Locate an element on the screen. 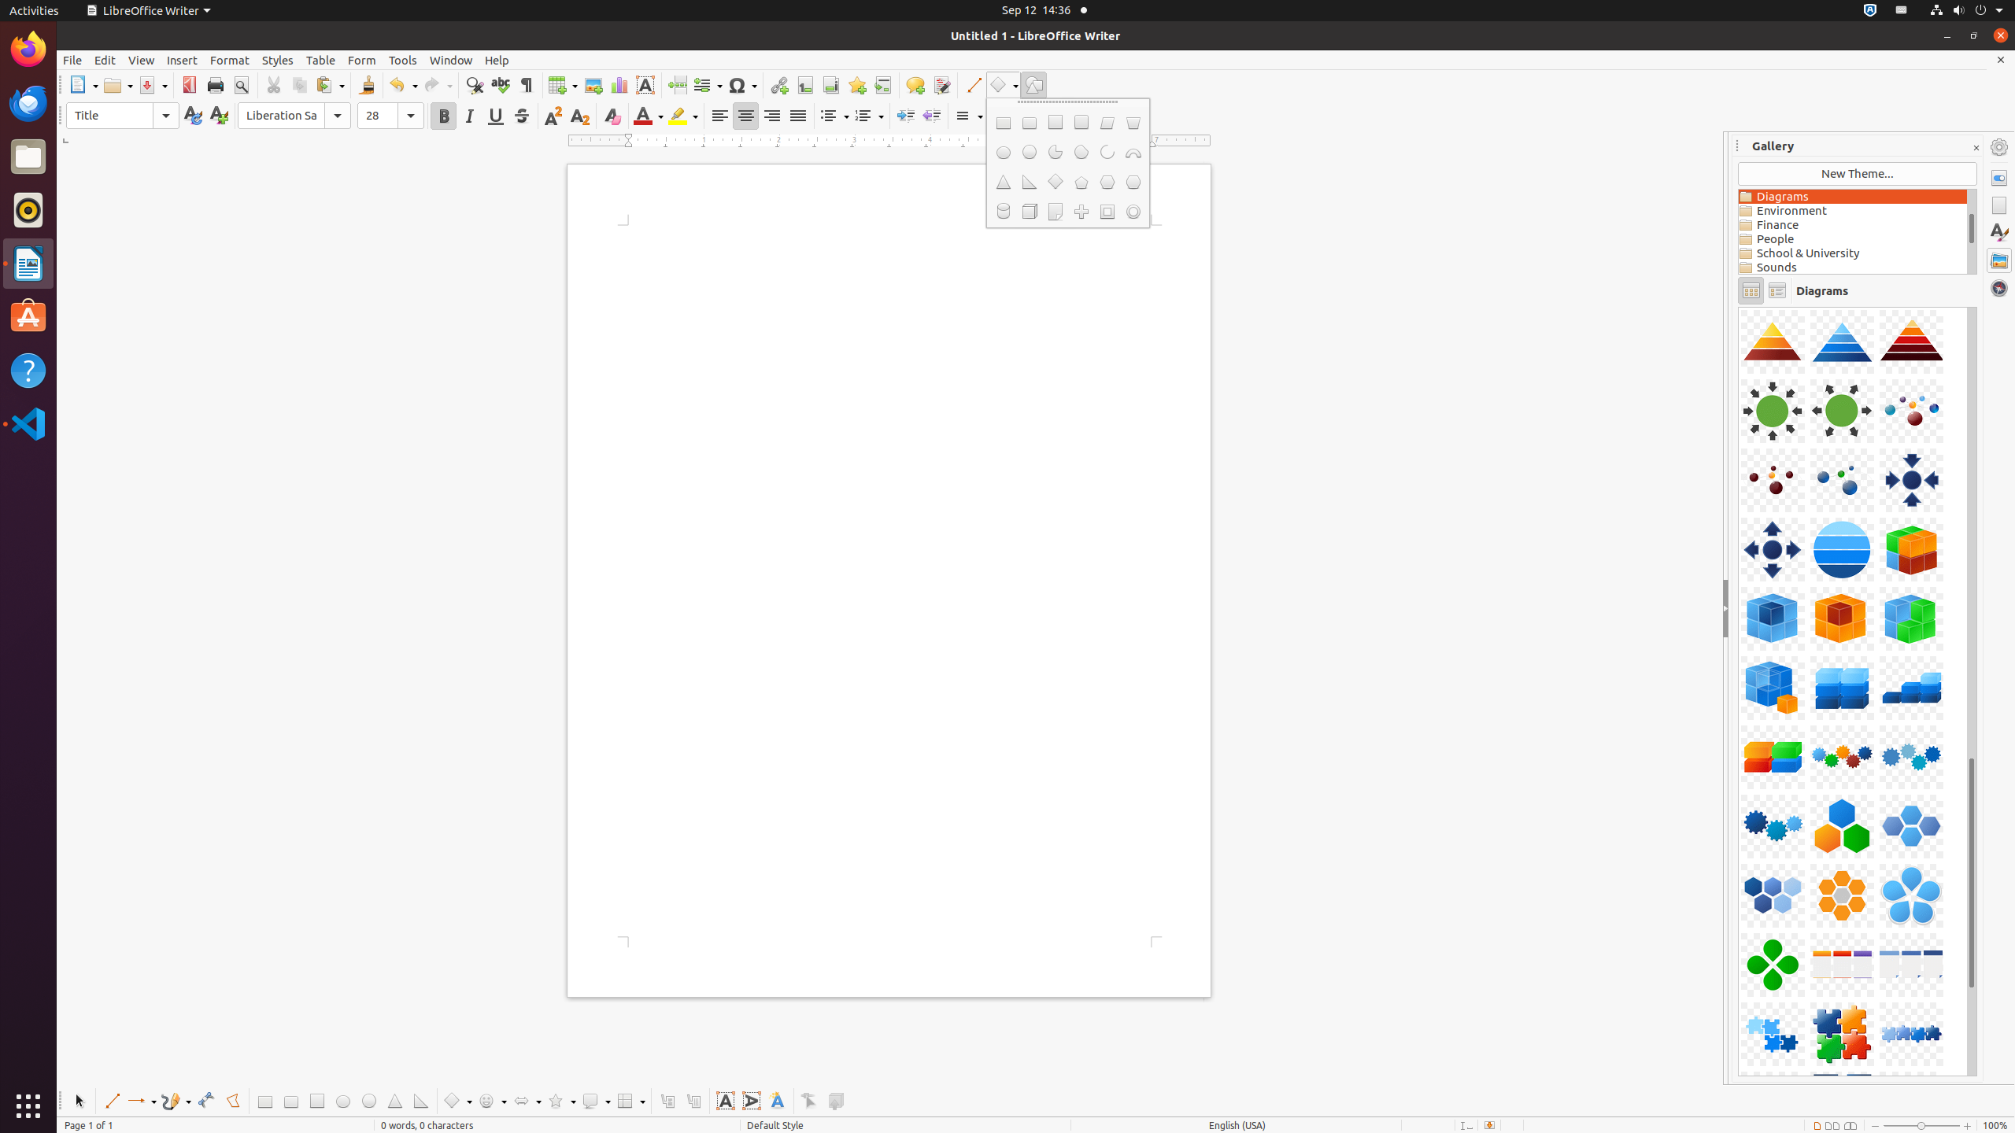  'Strikethrough' is located at coordinates (520, 115).